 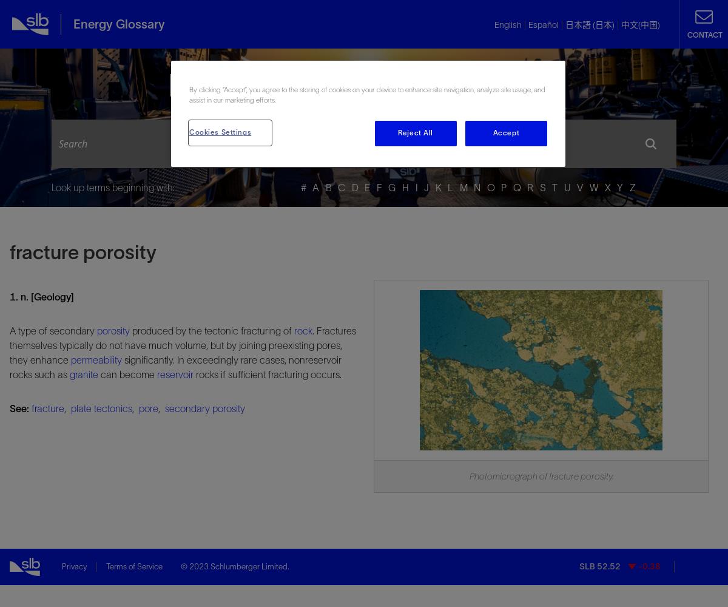 I want to click on '1. n. [Geology]', so click(x=42, y=296).